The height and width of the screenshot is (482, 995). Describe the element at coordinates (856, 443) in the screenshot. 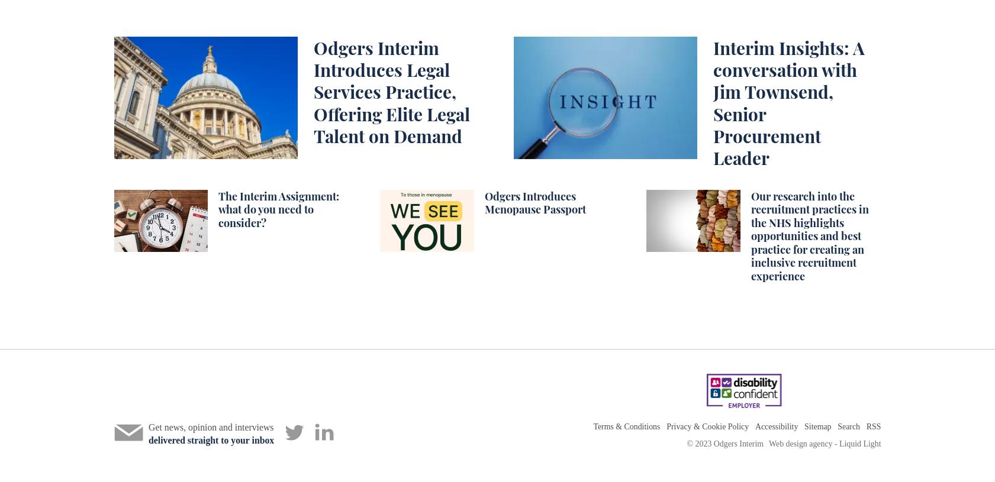

I see `'- Liquid Light'` at that location.